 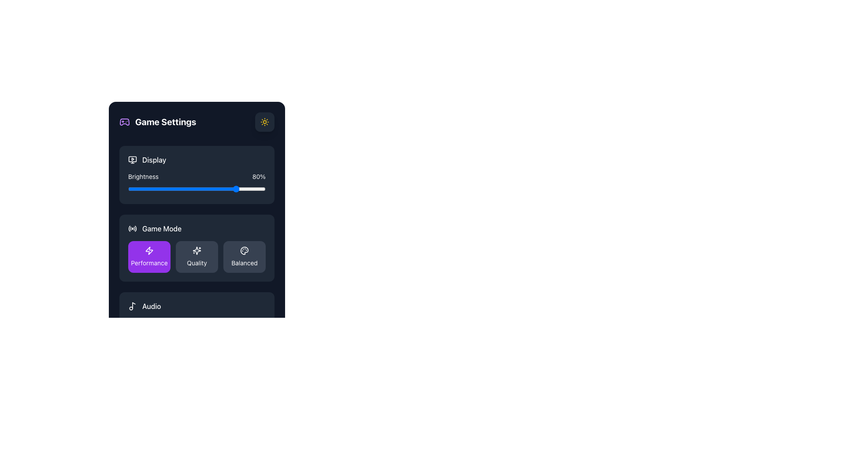 What do you see at coordinates (124, 122) in the screenshot?
I see `the central body of the gamepad icon, which is a dark-colored SVG element located in the 'Game Settings' panel, near the top-left corner next to the 'Game Settings' title` at bounding box center [124, 122].